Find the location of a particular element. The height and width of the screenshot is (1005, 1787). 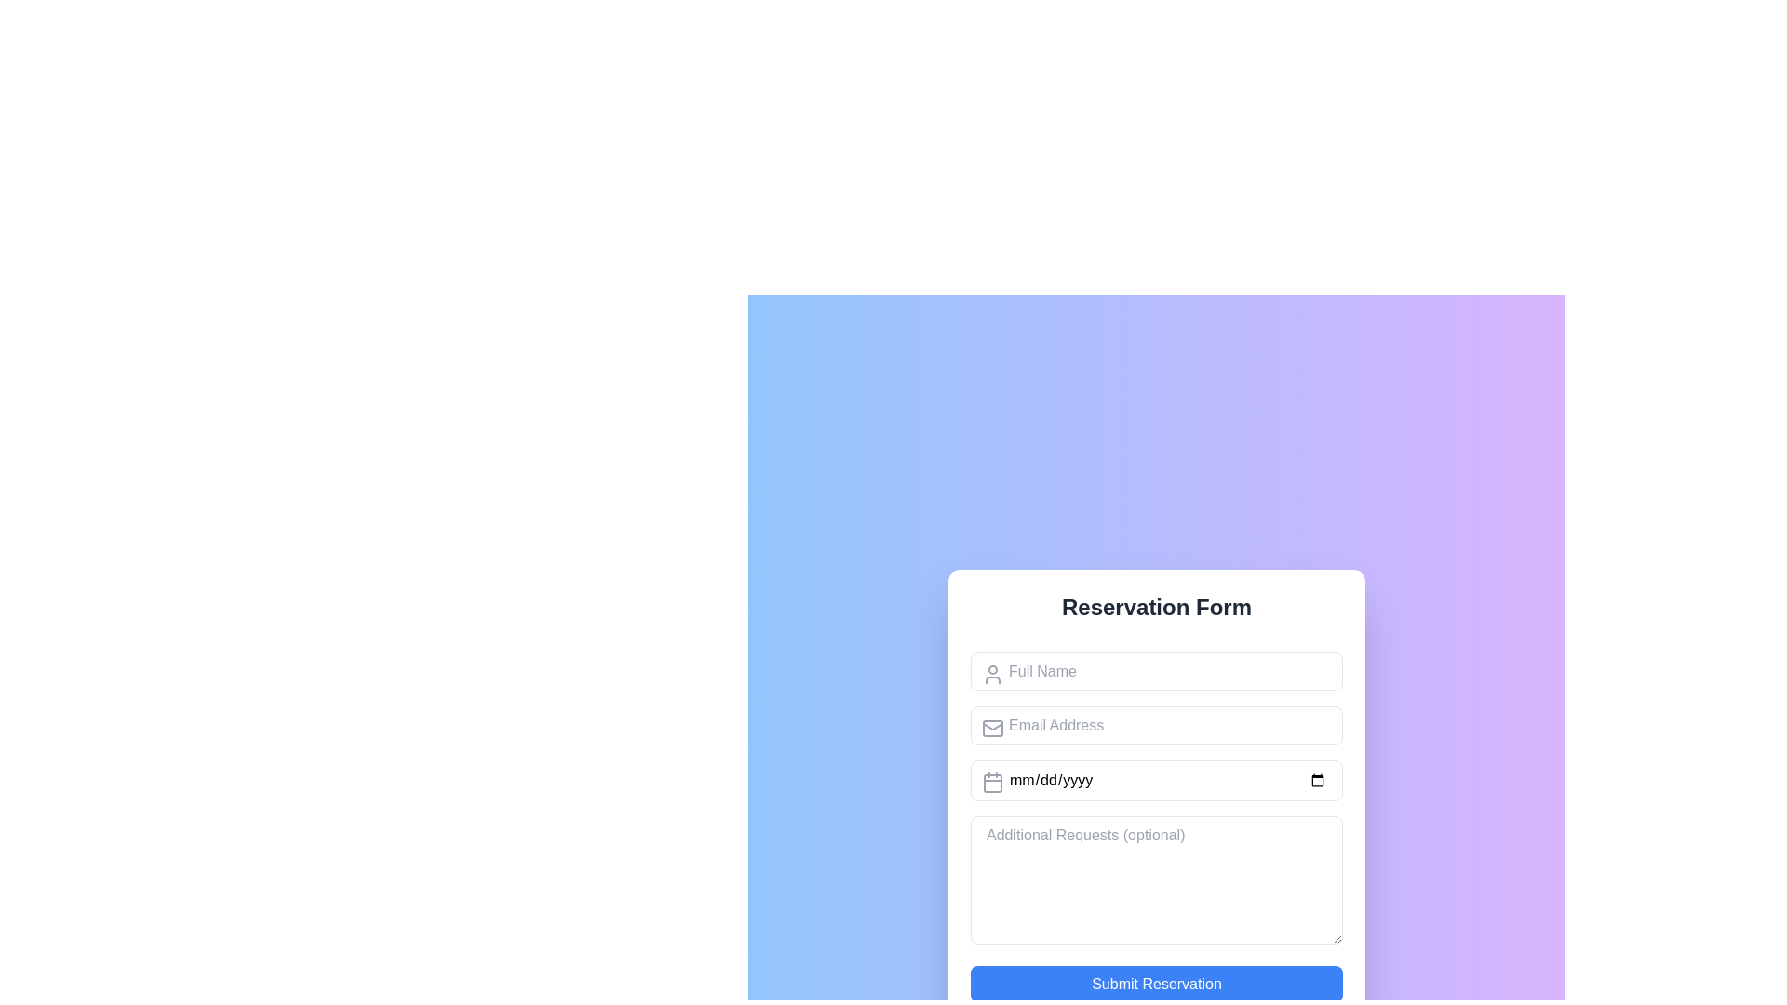

the bold and large text header displaying 'Reservation Form' located at the top of the modal-like UI component is located at coordinates (1156, 606).